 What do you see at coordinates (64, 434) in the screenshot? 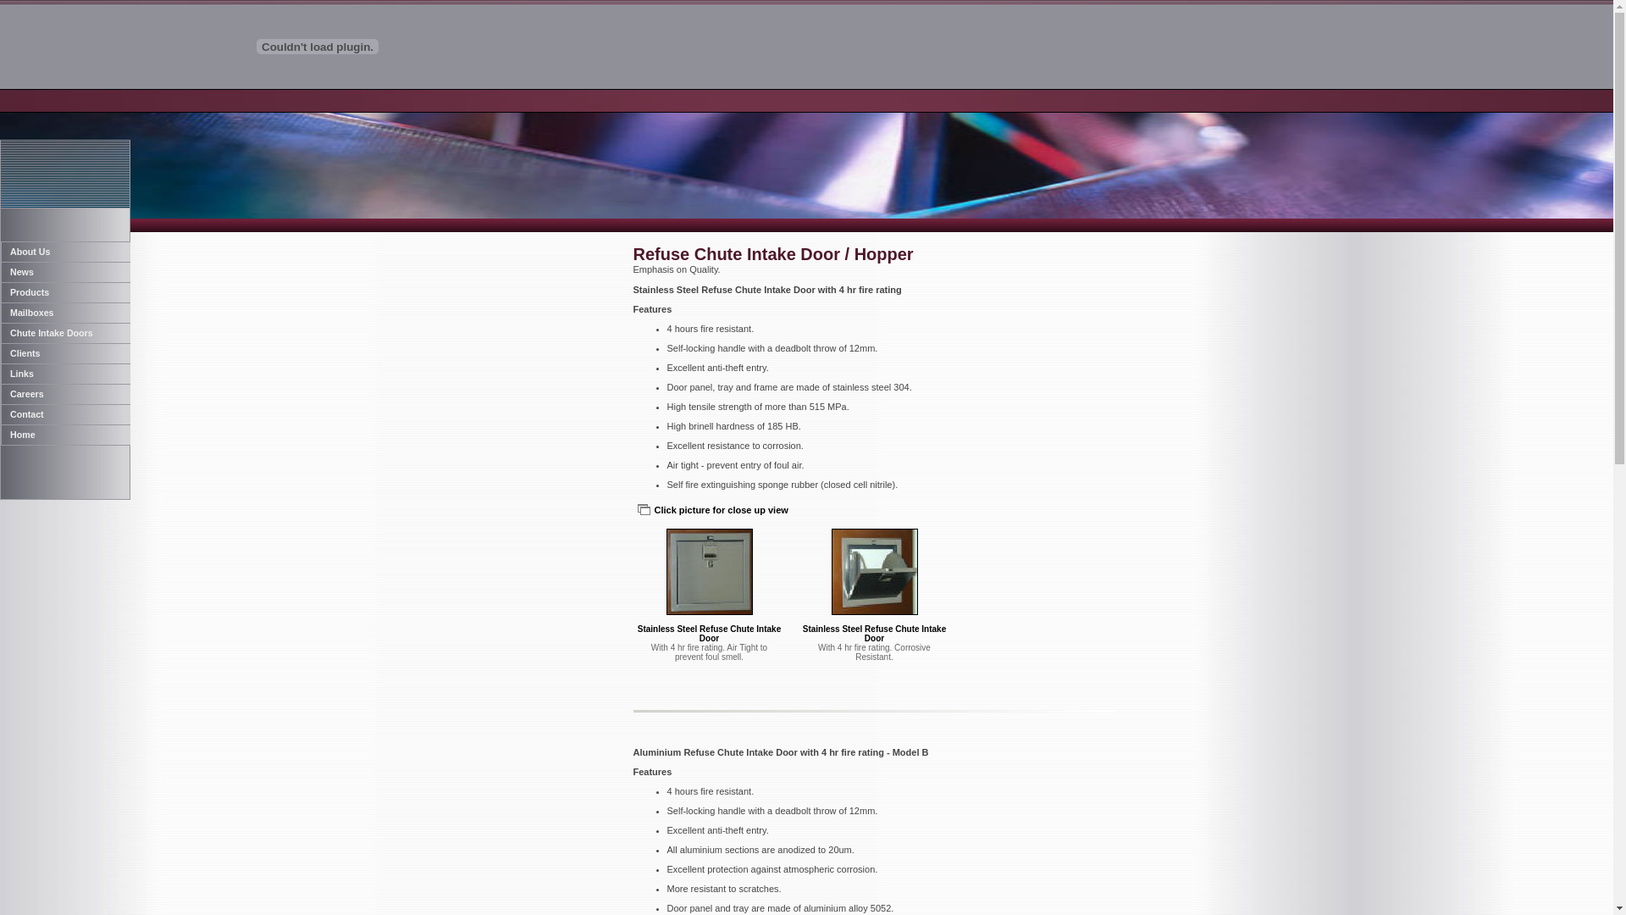
I see `'Home'` at bounding box center [64, 434].